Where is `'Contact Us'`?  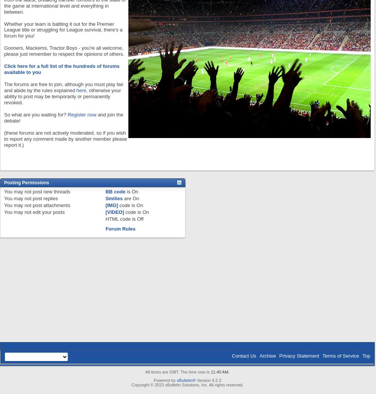
'Contact Us' is located at coordinates (243, 356).